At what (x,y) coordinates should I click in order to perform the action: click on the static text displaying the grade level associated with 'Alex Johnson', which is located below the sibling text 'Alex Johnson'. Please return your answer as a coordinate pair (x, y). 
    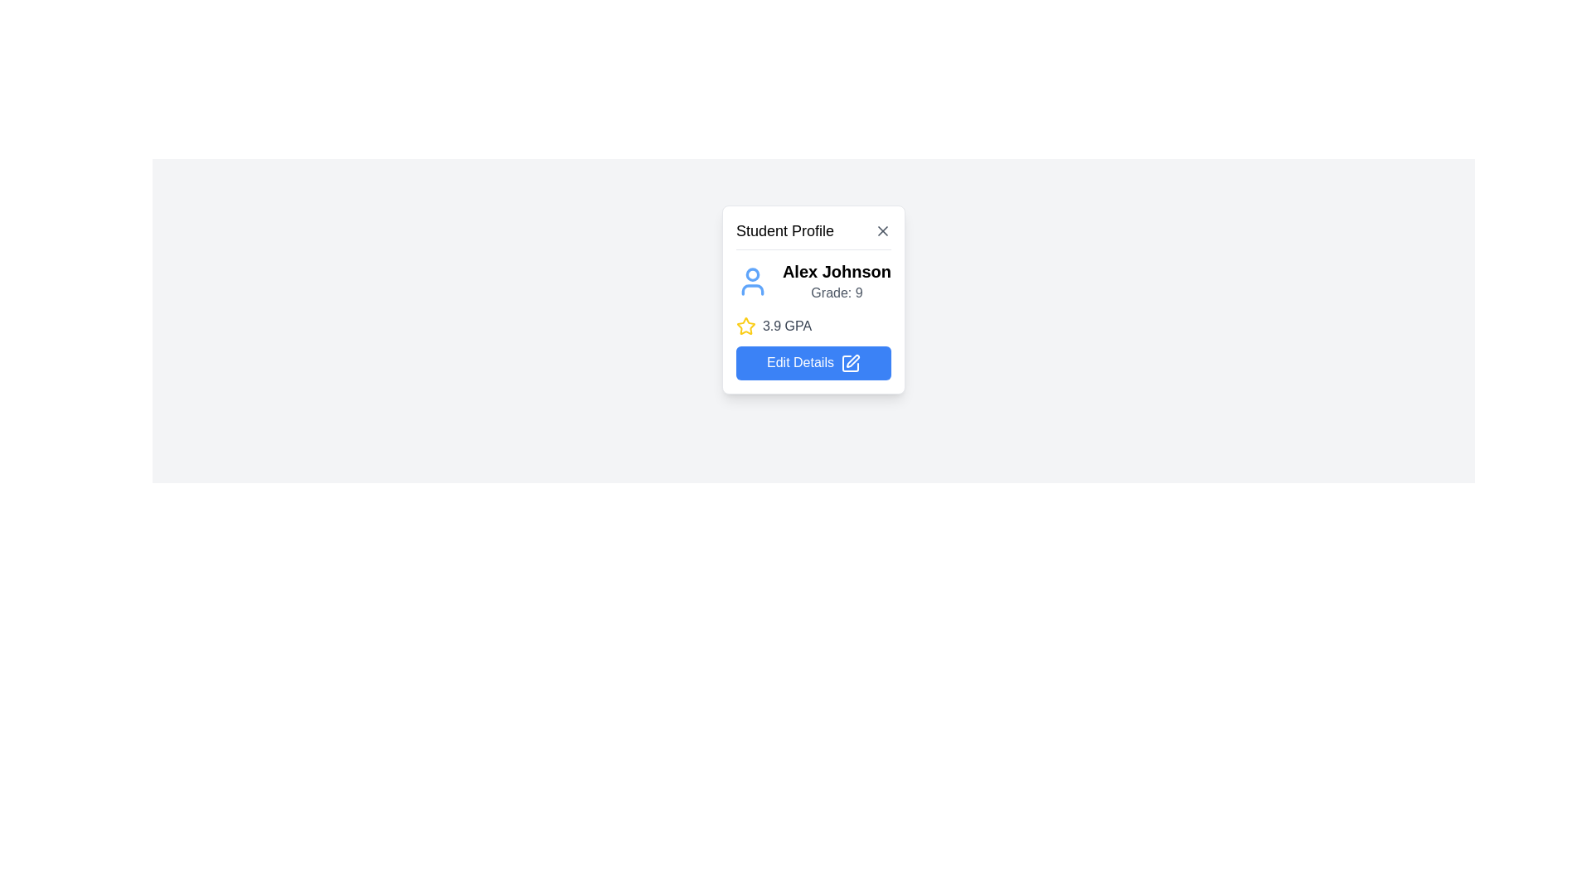
    Looking at the image, I should click on (837, 293).